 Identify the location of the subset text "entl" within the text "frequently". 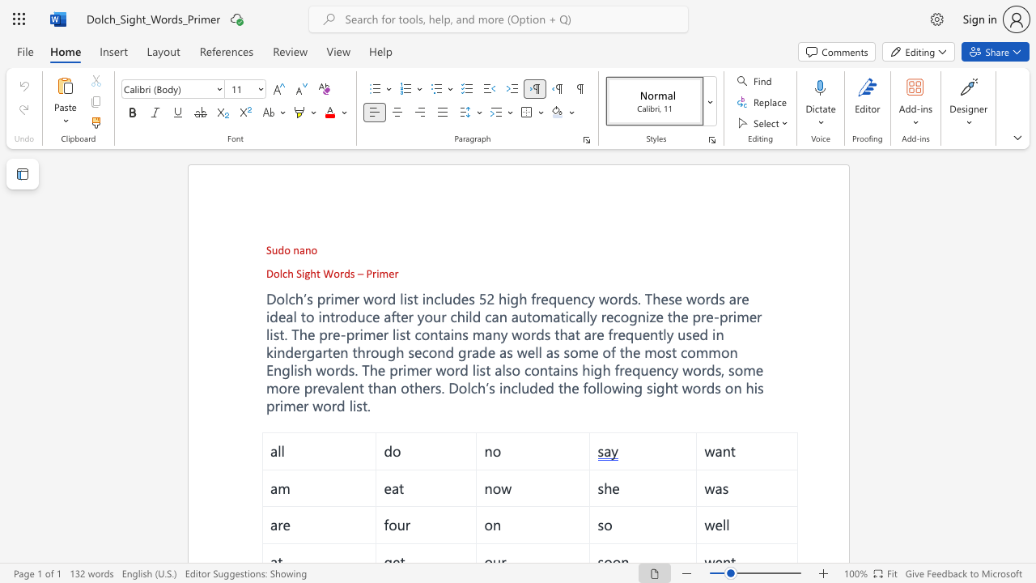
(641, 333).